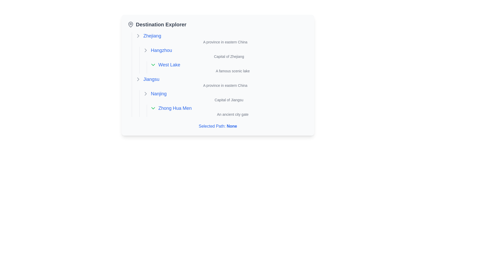  Describe the element at coordinates (227, 110) in the screenshot. I see `the Text display block providing details about 'Zhong Hua Men' in the 'Destination Explorer' panel under 'Nanjing'` at that location.